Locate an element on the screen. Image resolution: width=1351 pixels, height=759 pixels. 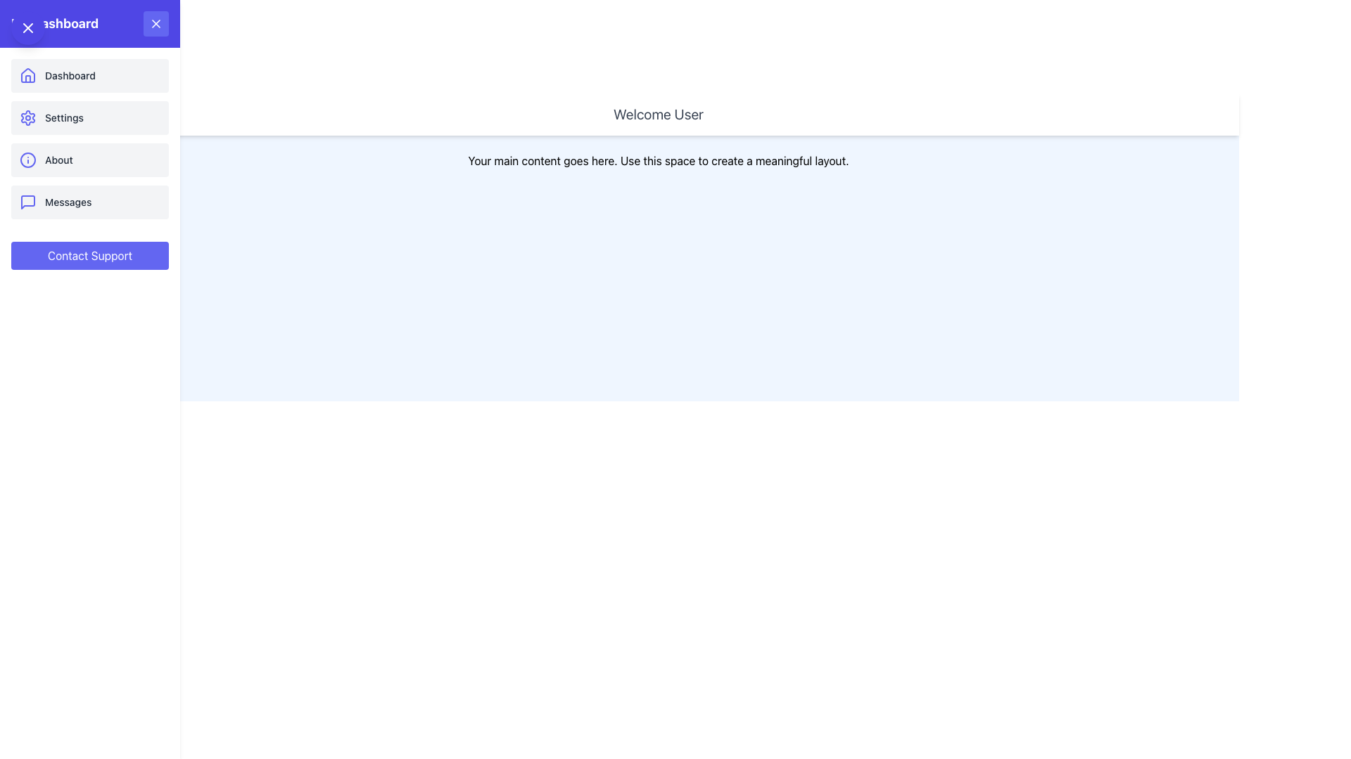
the static text element that reads 'Welcome User', styled in a large gray font, located at the top of the main content area is located at coordinates (658, 113).